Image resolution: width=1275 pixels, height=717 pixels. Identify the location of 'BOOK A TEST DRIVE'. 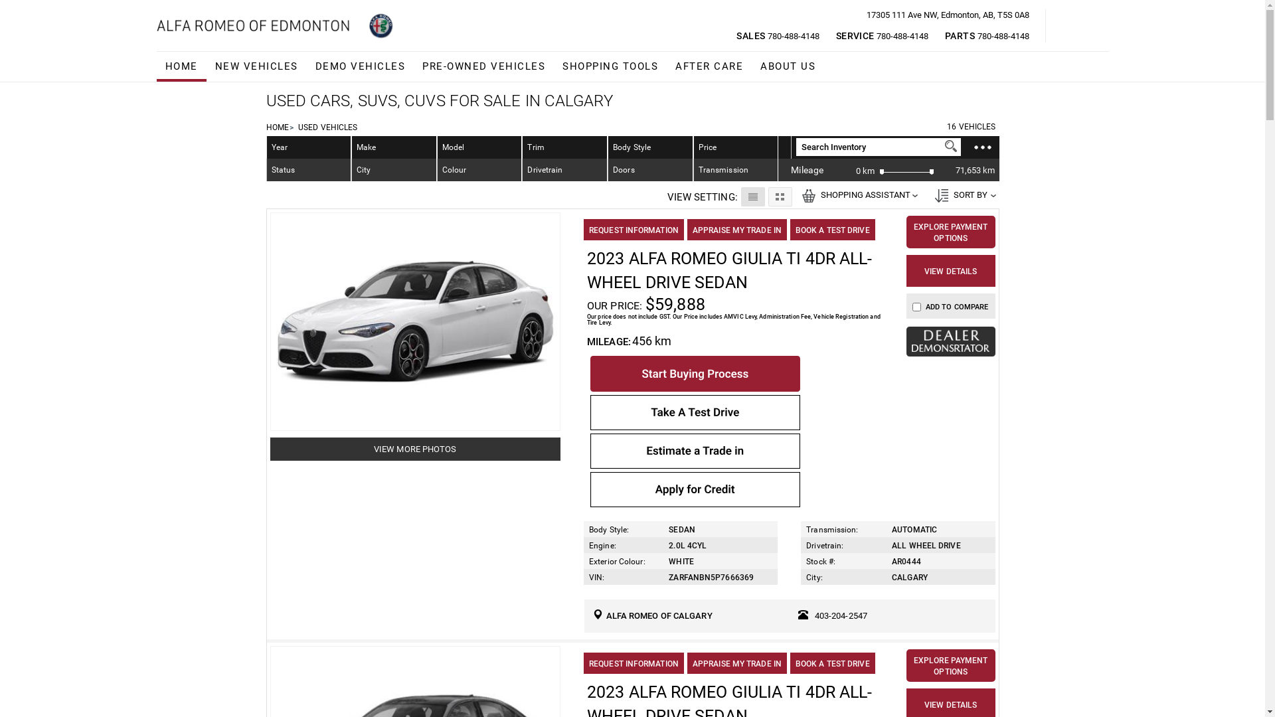
(831, 229).